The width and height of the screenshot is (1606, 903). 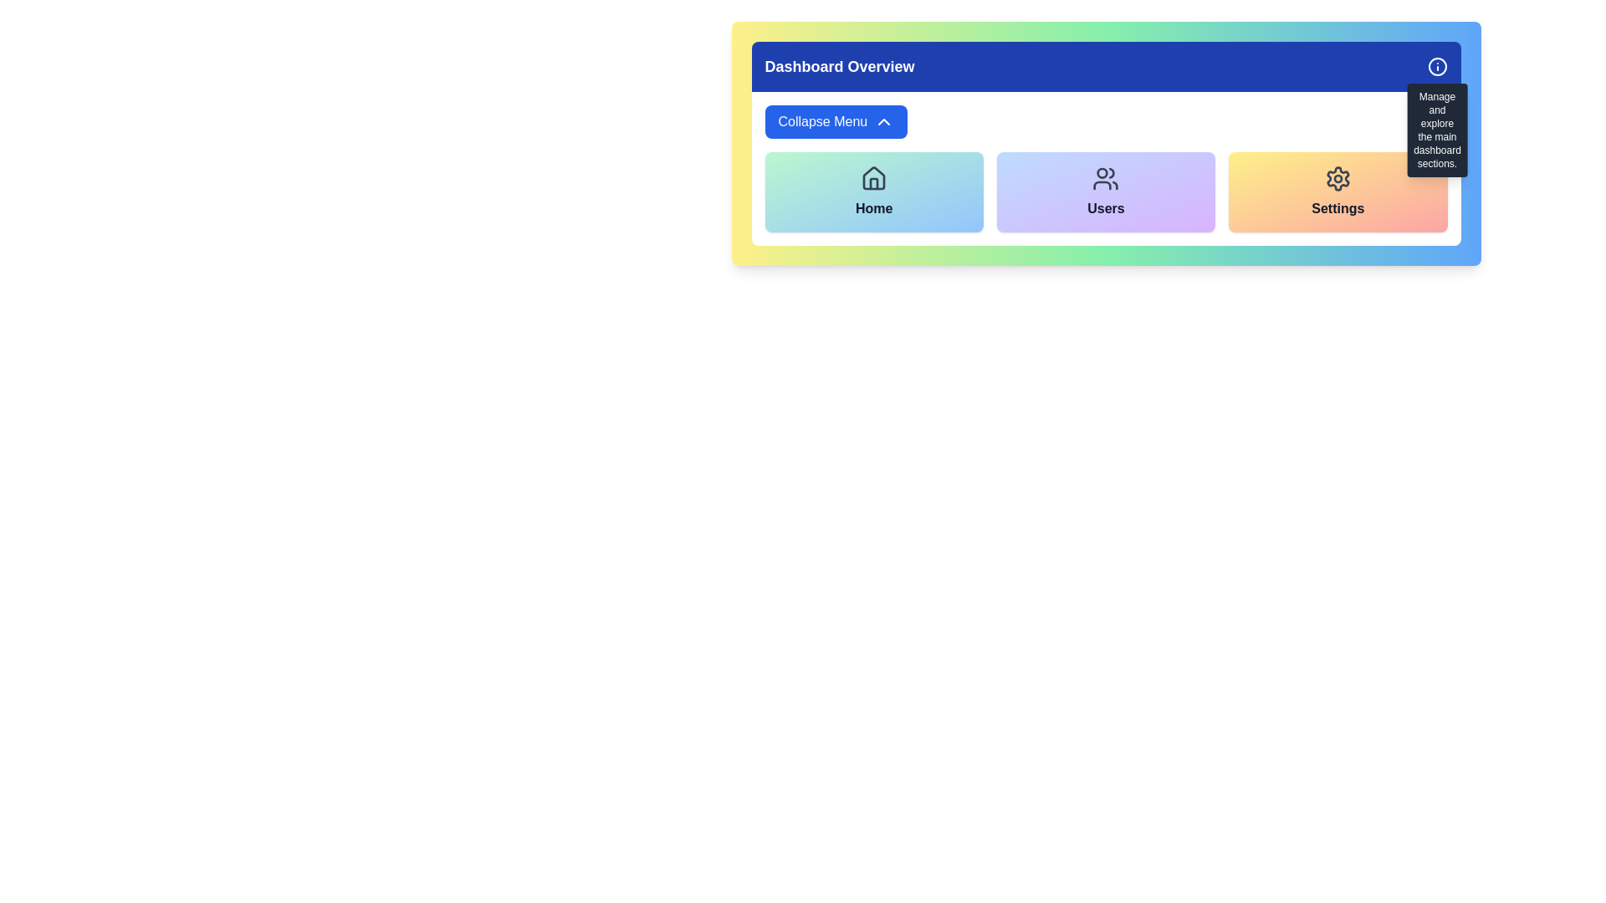 What do you see at coordinates (1106, 191) in the screenshot?
I see `the 'Users' button, which features a gradient background from blue to purple and has a centered icon of a group of people above a bold 'Users' label in black text` at bounding box center [1106, 191].